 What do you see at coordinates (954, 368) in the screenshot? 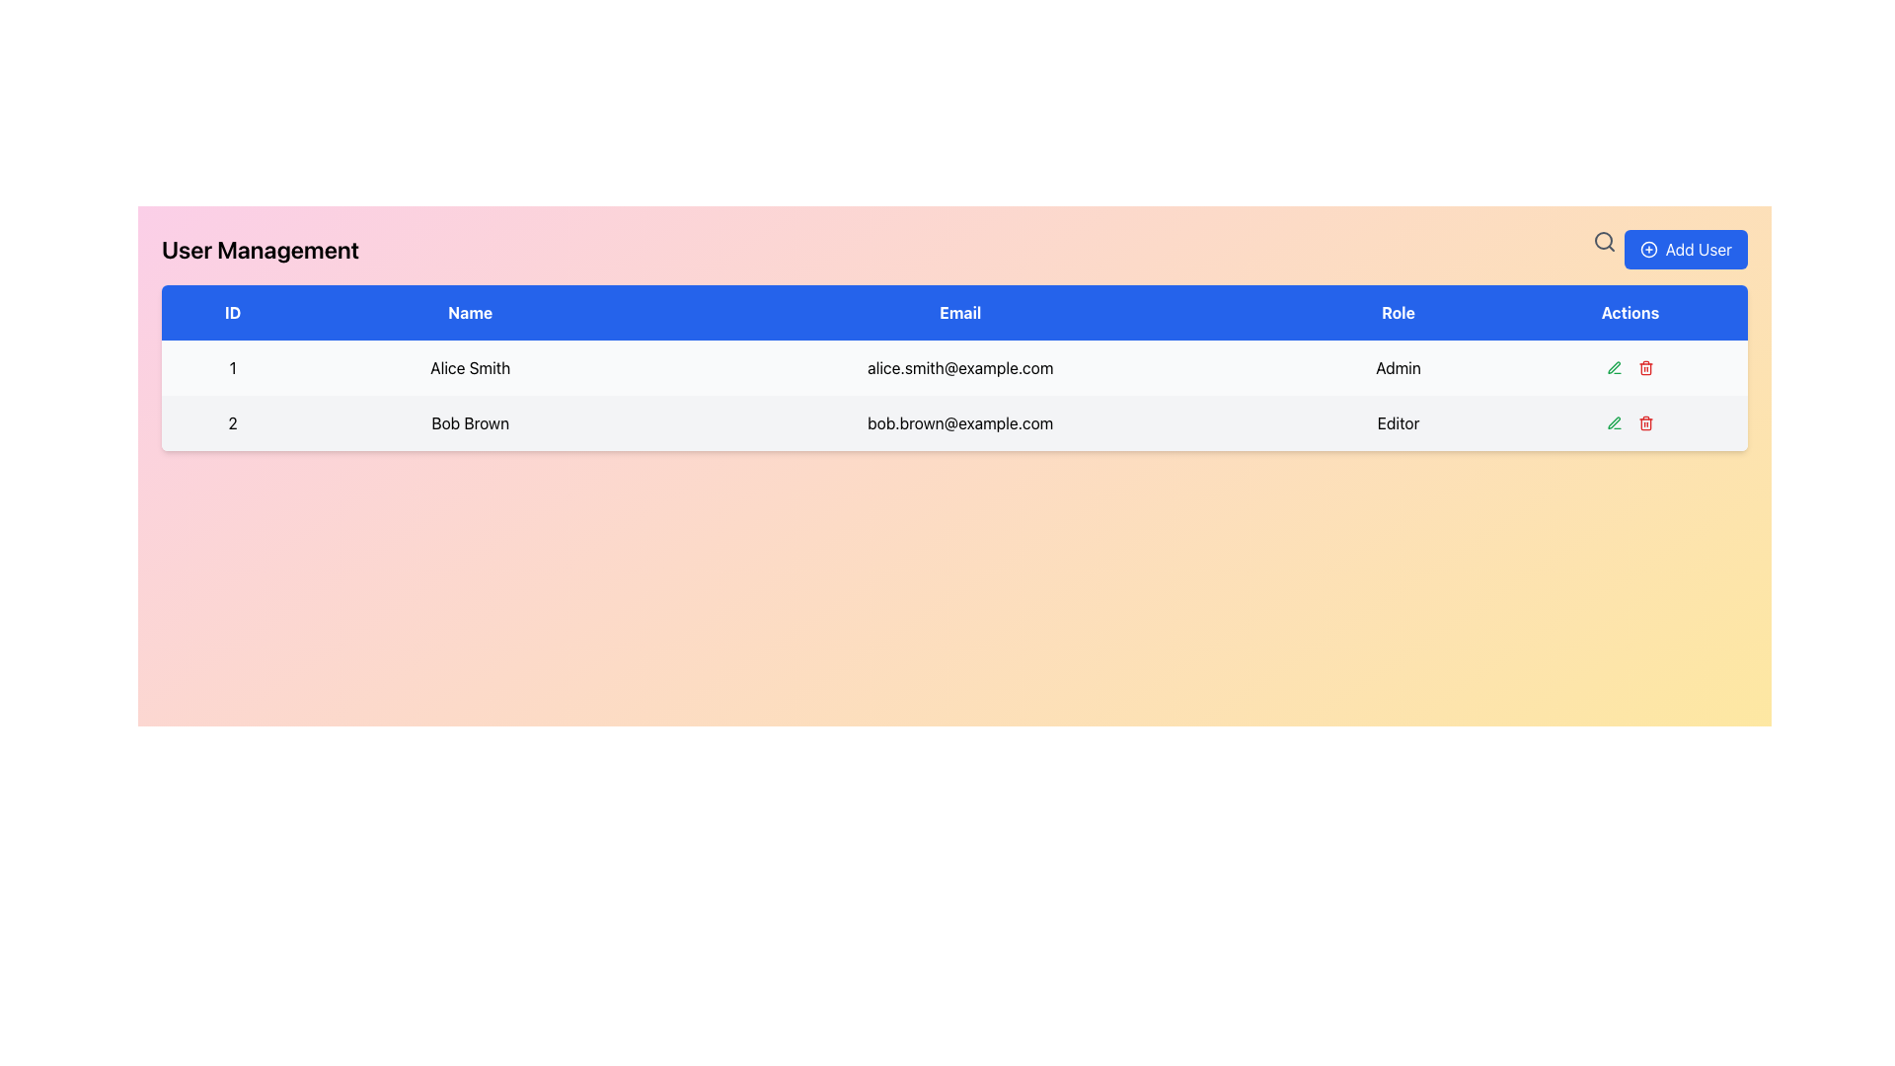
I see `the first data row in the user information table, which includes the details '1', 'Alice Smith', 'alice.smith@example.com', and 'Admin'` at bounding box center [954, 368].